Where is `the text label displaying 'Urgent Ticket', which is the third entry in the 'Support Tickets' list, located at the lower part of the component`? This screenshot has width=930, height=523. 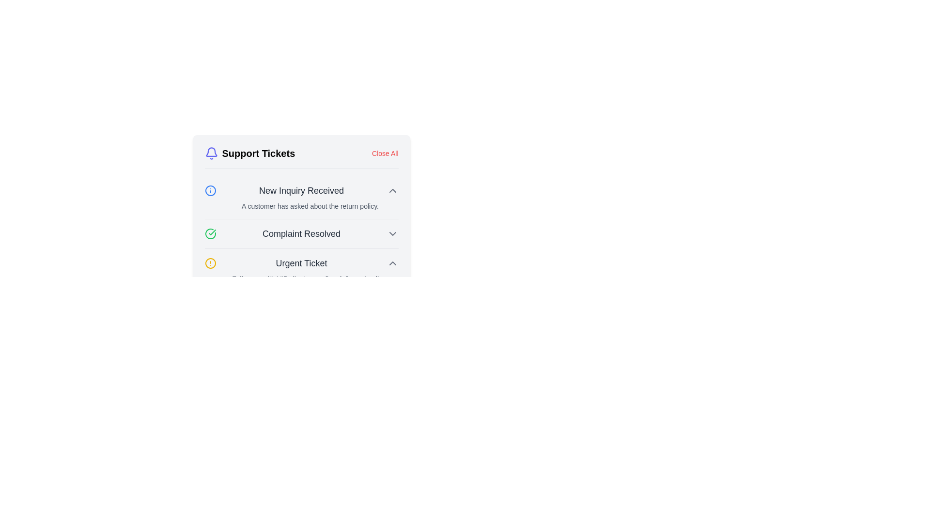 the text label displaying 'Urgent Ticket', which is the third entry in the 'Support Tickets' list, located at the lower part of the component is located at coordinates (301, 263).